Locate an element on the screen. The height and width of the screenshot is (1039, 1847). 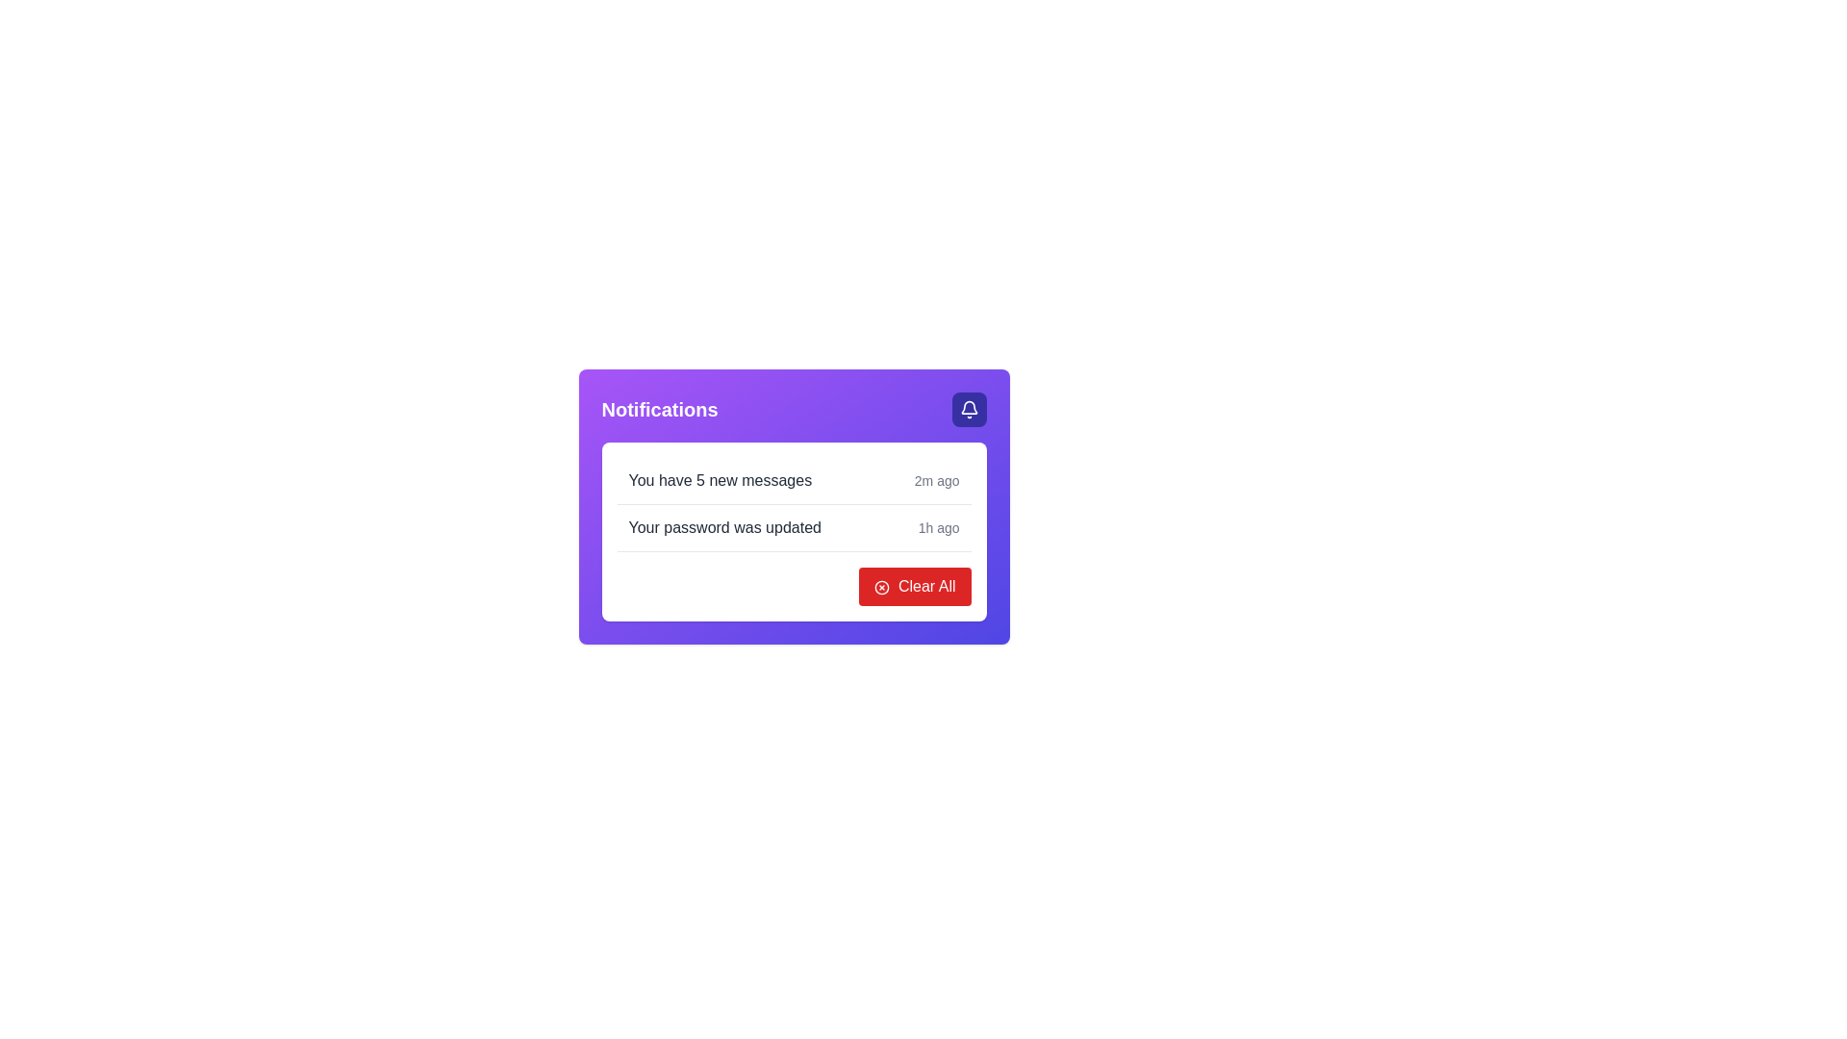
the bell icon outlined in white on an indigo circular background located in the top-right corner of the notification card is located at coordinates (969, 408).